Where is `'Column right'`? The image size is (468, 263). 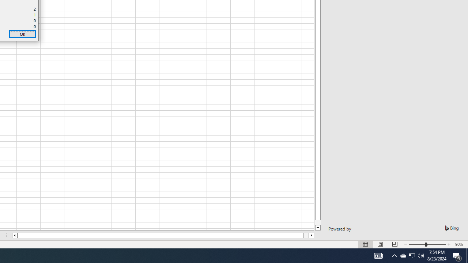
'Column right' is located at coordinates (312, 235).